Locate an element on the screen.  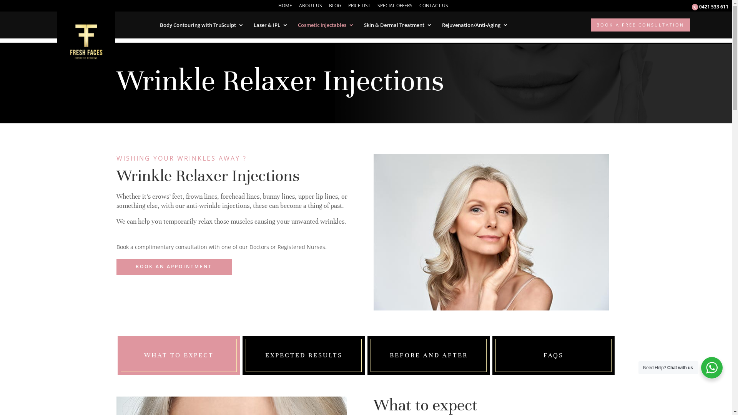
'Rejuvenation/Anti-Aging' is located at coordinates (475, 25).